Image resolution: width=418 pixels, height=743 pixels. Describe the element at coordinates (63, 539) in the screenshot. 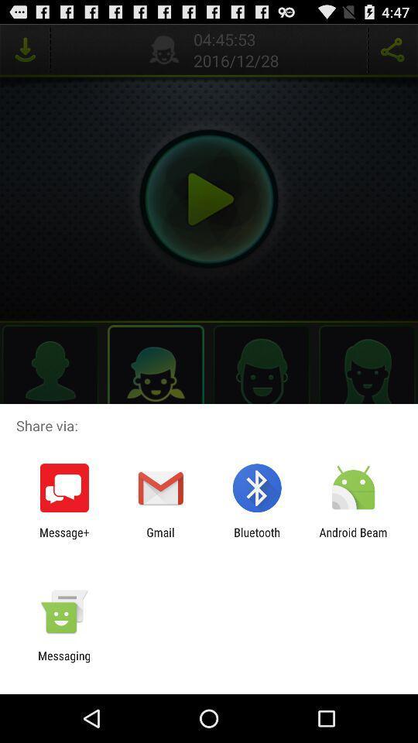

I see `the message+` at that location.